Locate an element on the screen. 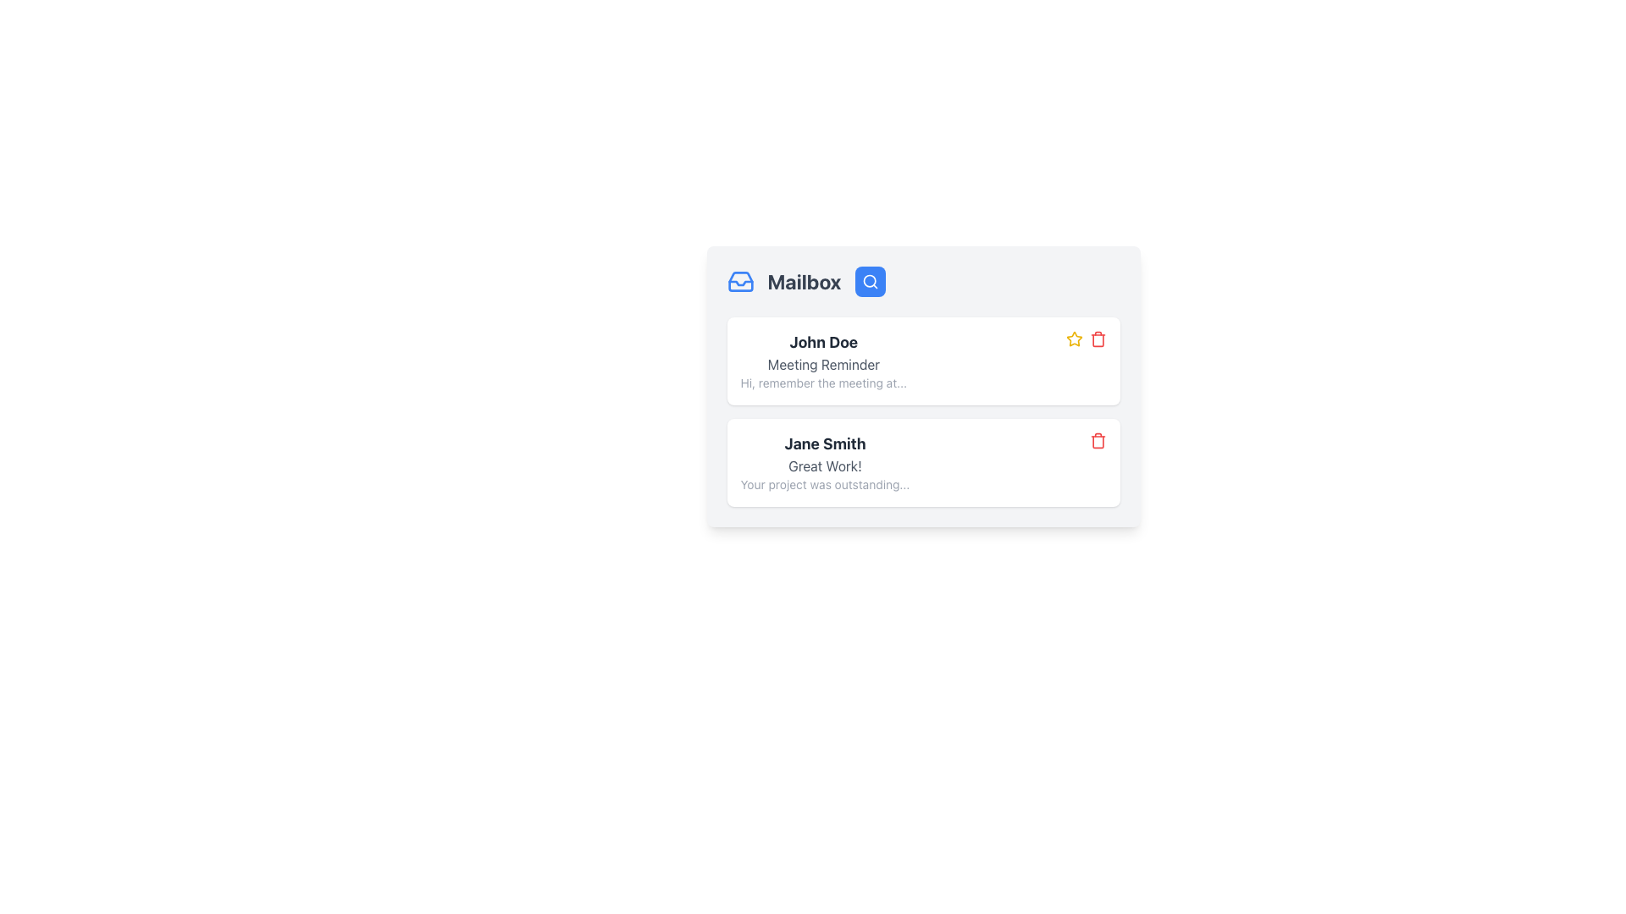  the delete button located at the bottom-right of the 'Jane Smith' card is located at coordinates (1098, 439).